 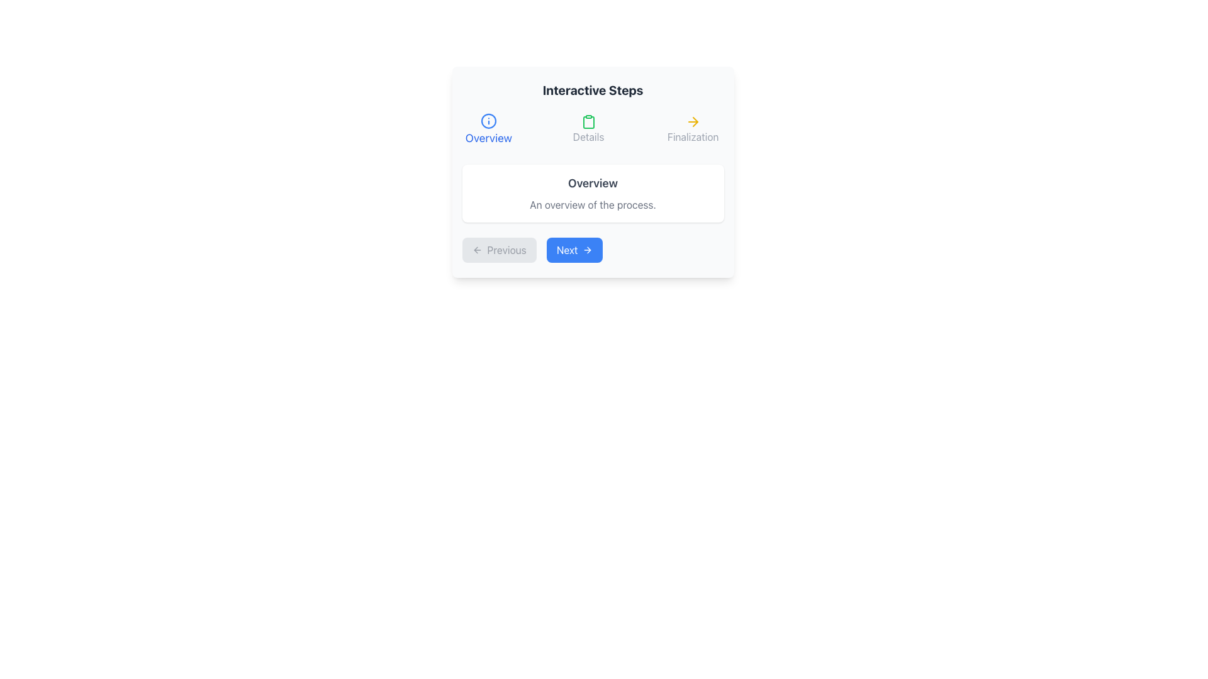 I want to click on the clipboard icon representing the 'Details' step in the multi-step navigation bar labeled 'Interactive Steps', so click(x=588, y=121).